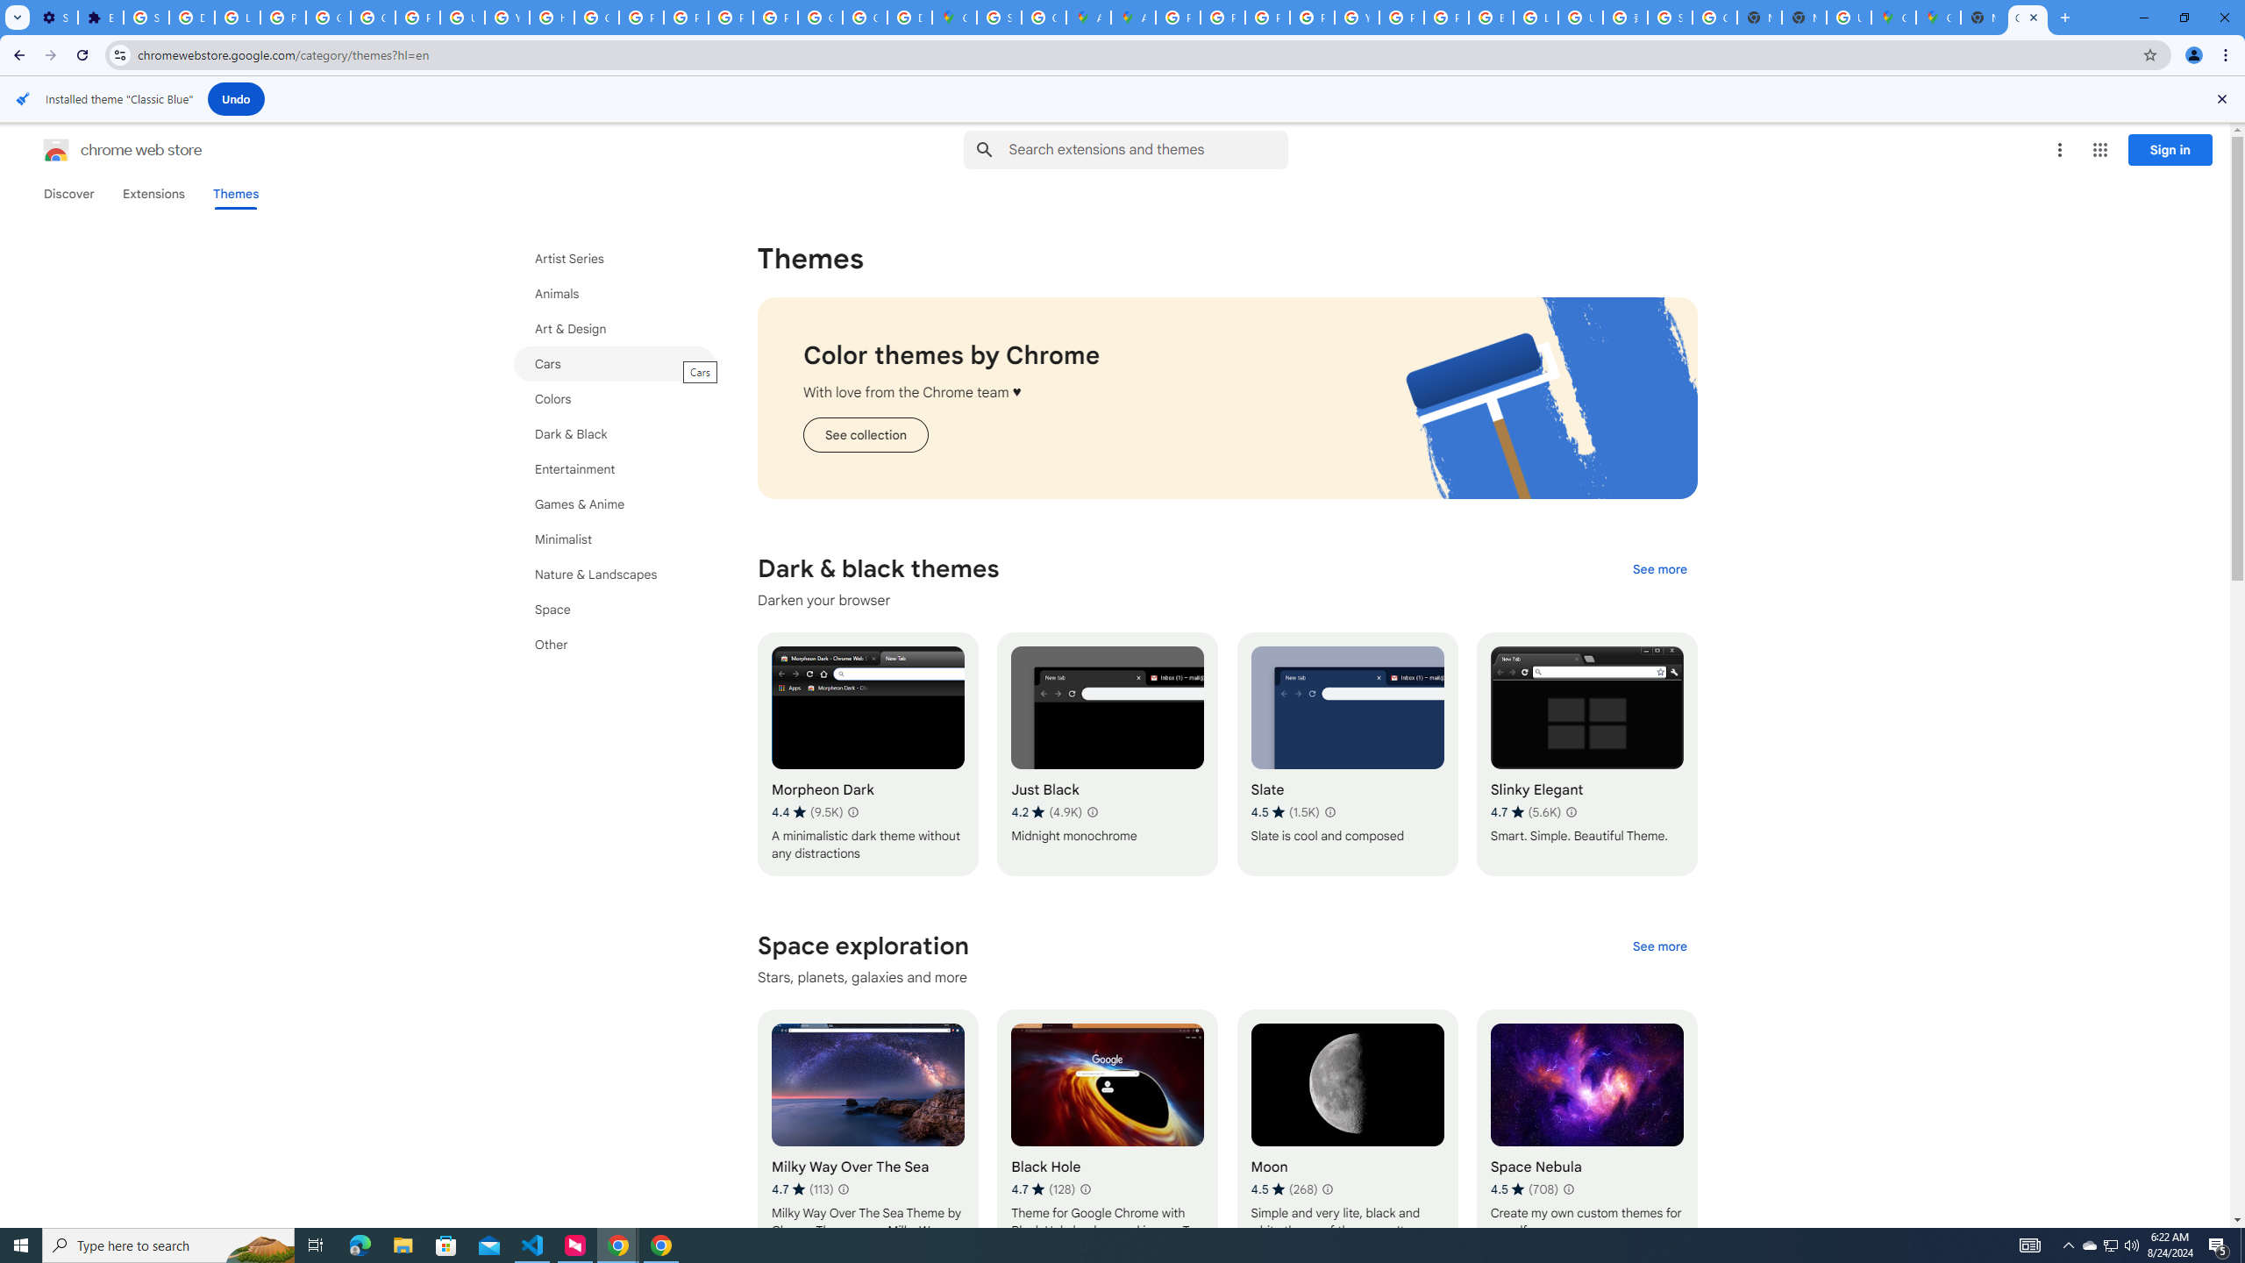 Image resolution: width=2245 pixels, height=1263 pixels. What do you see at coordinates (1658, 567) in the screenshot?
I see `'See more of the "Dark & black themes" collection'` at bounding box center [1658, 567].